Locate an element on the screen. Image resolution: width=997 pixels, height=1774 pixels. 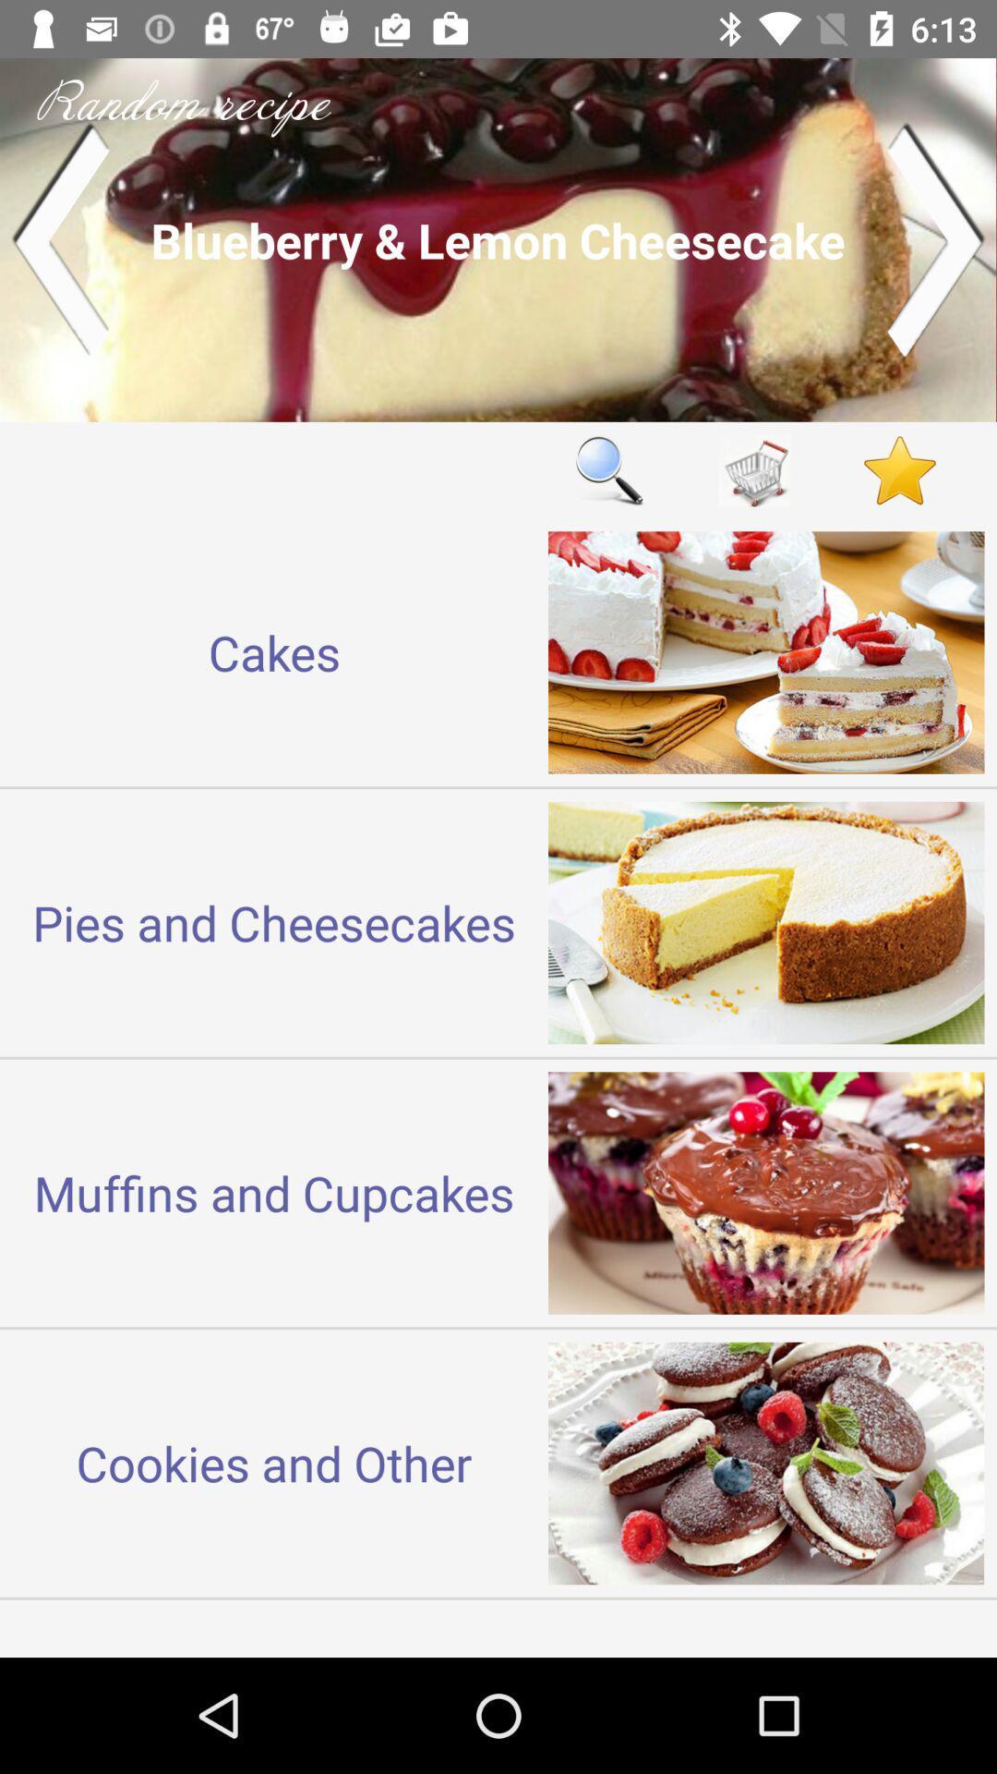
next recipe is located at coordinates (936, 238).